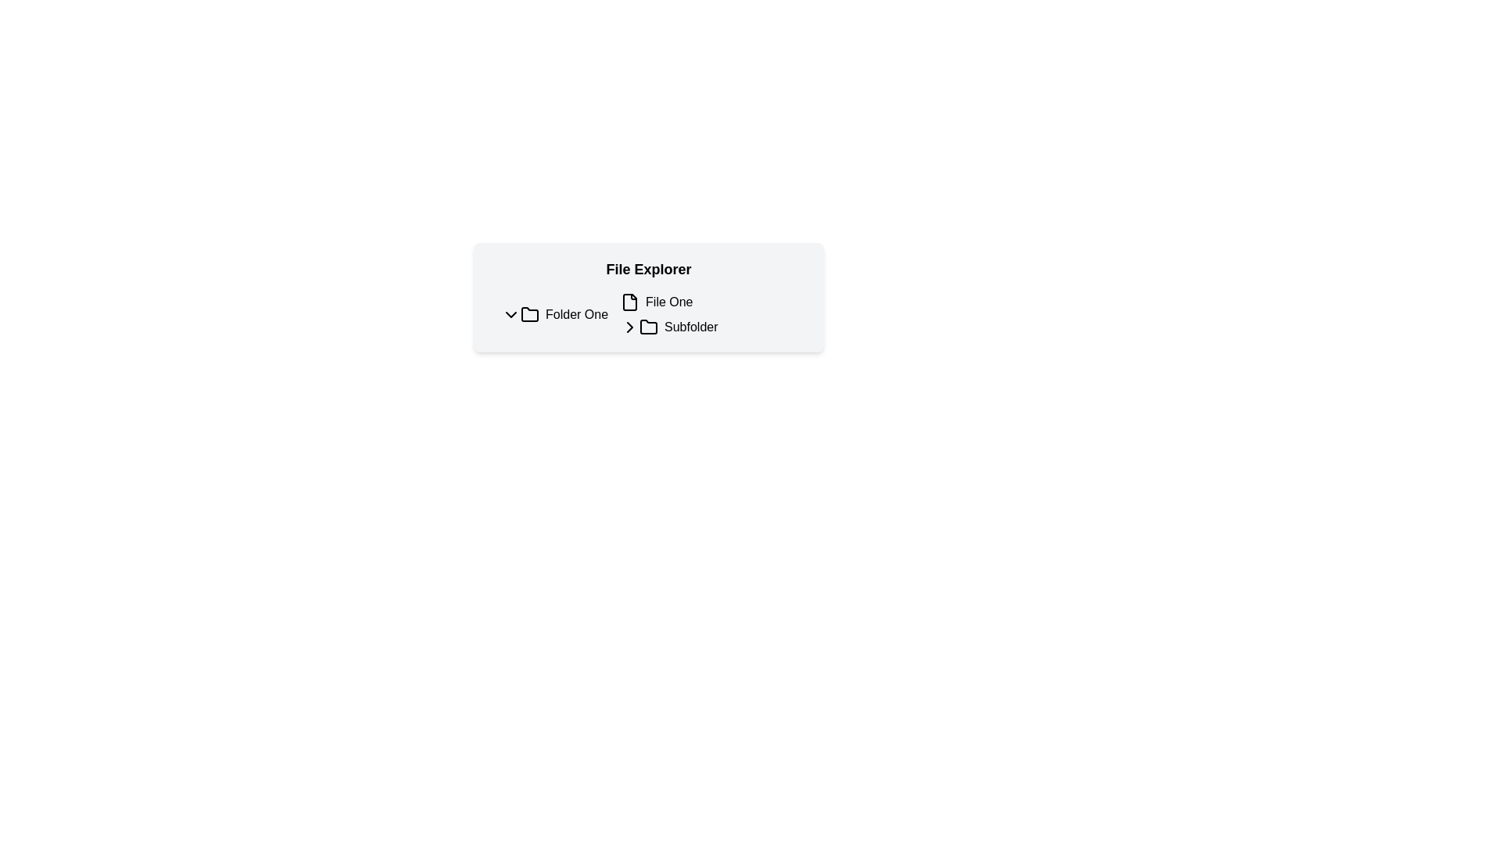 The height and width of the screenshot is (844, 1501). Describe the element at coordinates (663, 302) in the screenshot. I see `on the list item representing 'File One' in the 'File Explorer' section` at that location.